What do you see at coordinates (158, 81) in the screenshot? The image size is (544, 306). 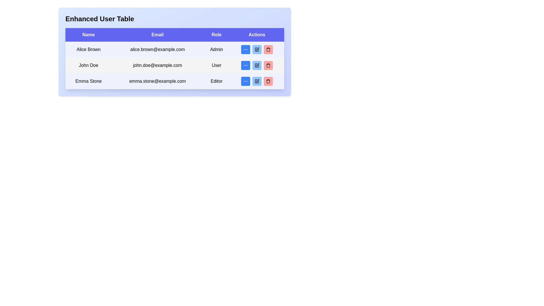 I see `the email display element showing 'emma.stone@example.com', which is located in the third row and second column of the table, adjacent to 'Emma Stone' and 'Editor'` at bounding box center [158, 81].